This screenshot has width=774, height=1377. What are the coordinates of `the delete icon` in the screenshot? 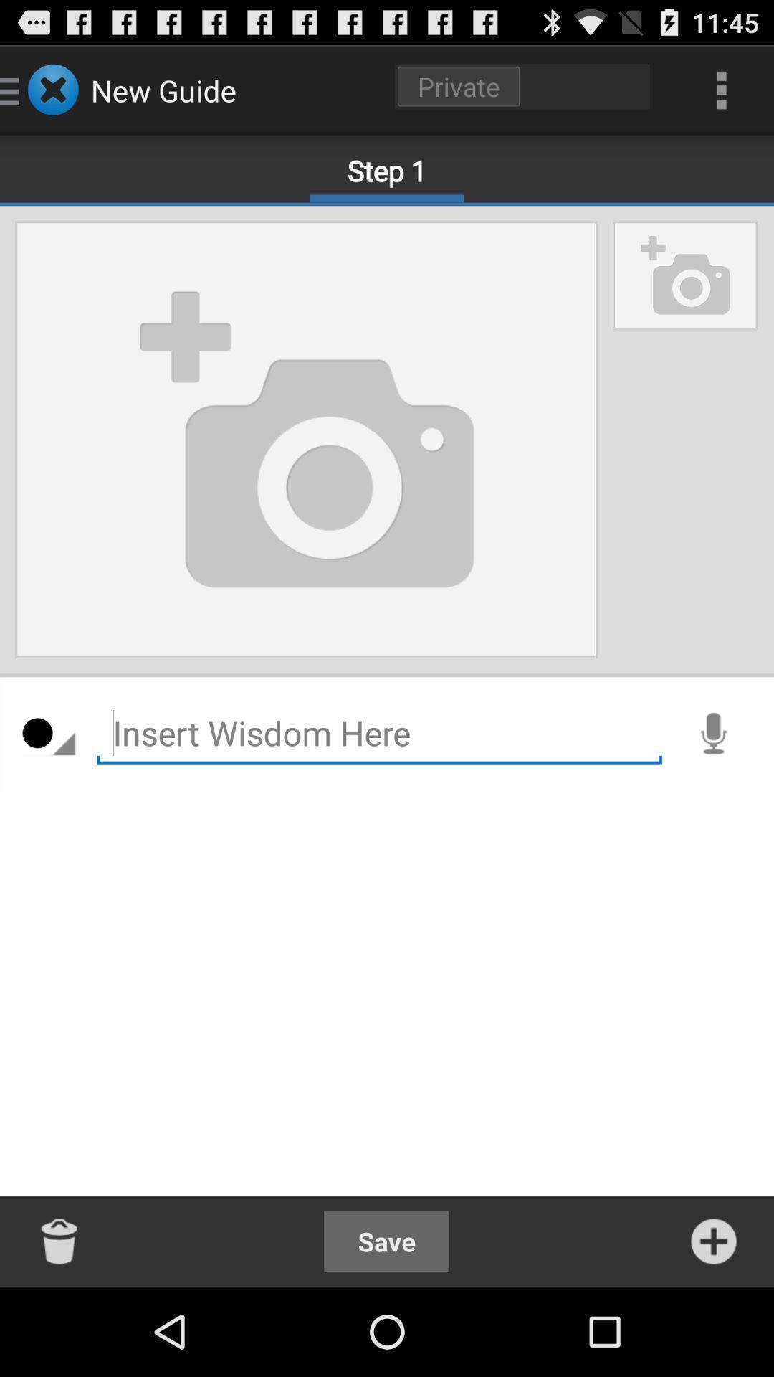 It's located at (59, 1328).